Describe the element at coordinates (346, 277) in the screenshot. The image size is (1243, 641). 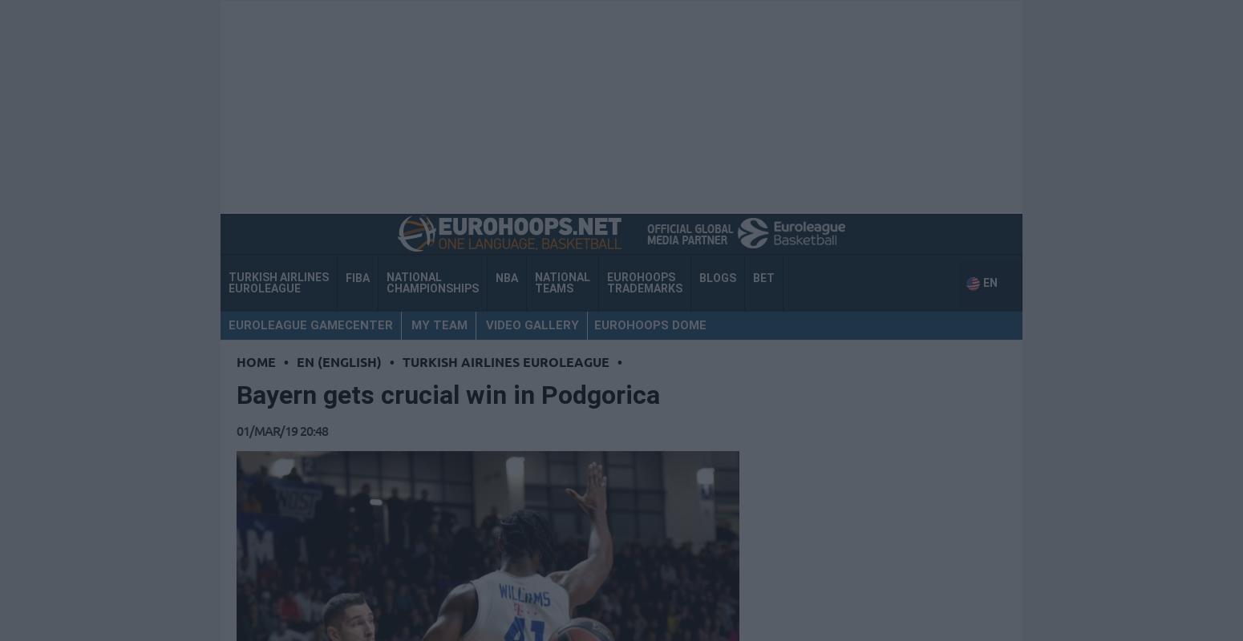
I see `'FIBA'` at that location.